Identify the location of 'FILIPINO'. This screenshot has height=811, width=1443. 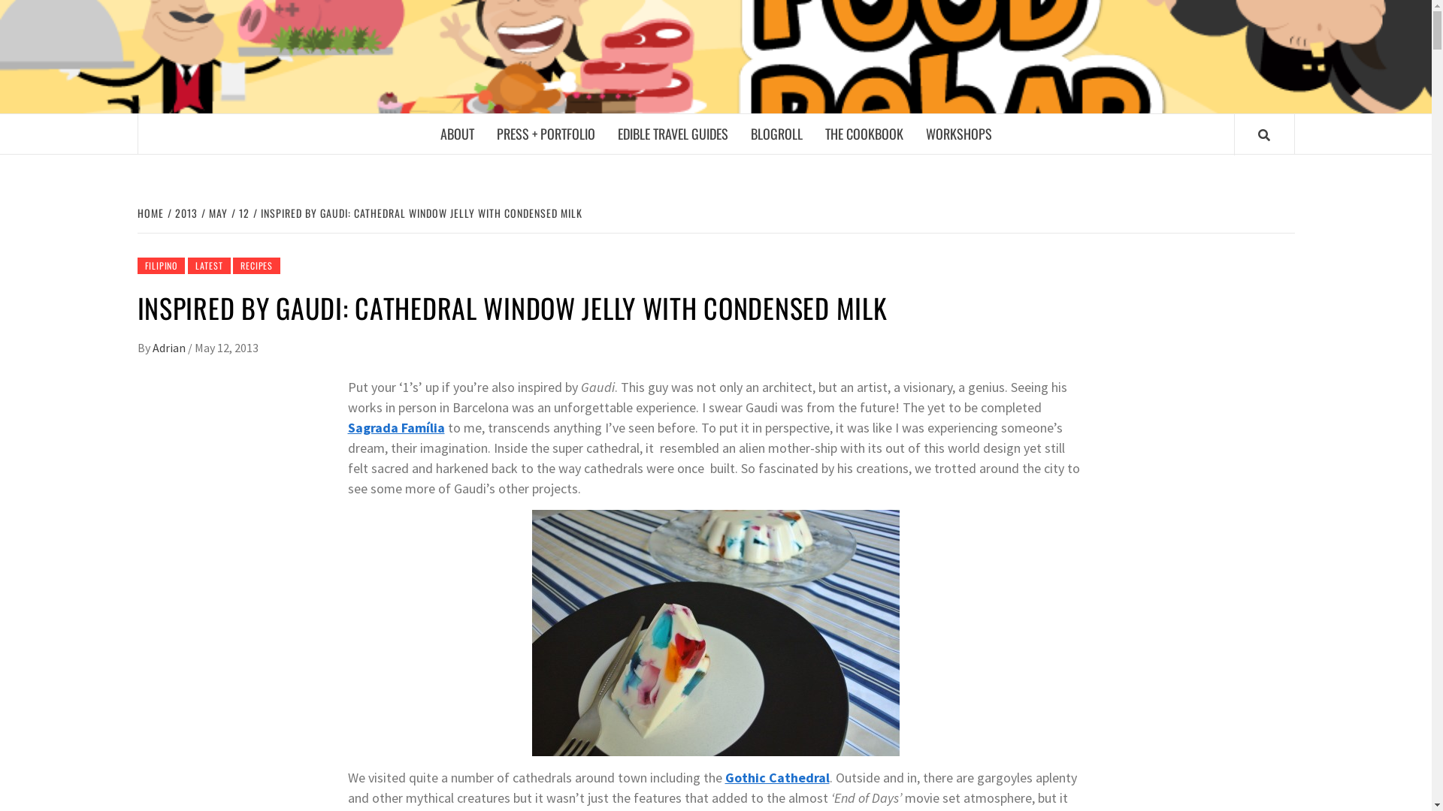
(160, 265).